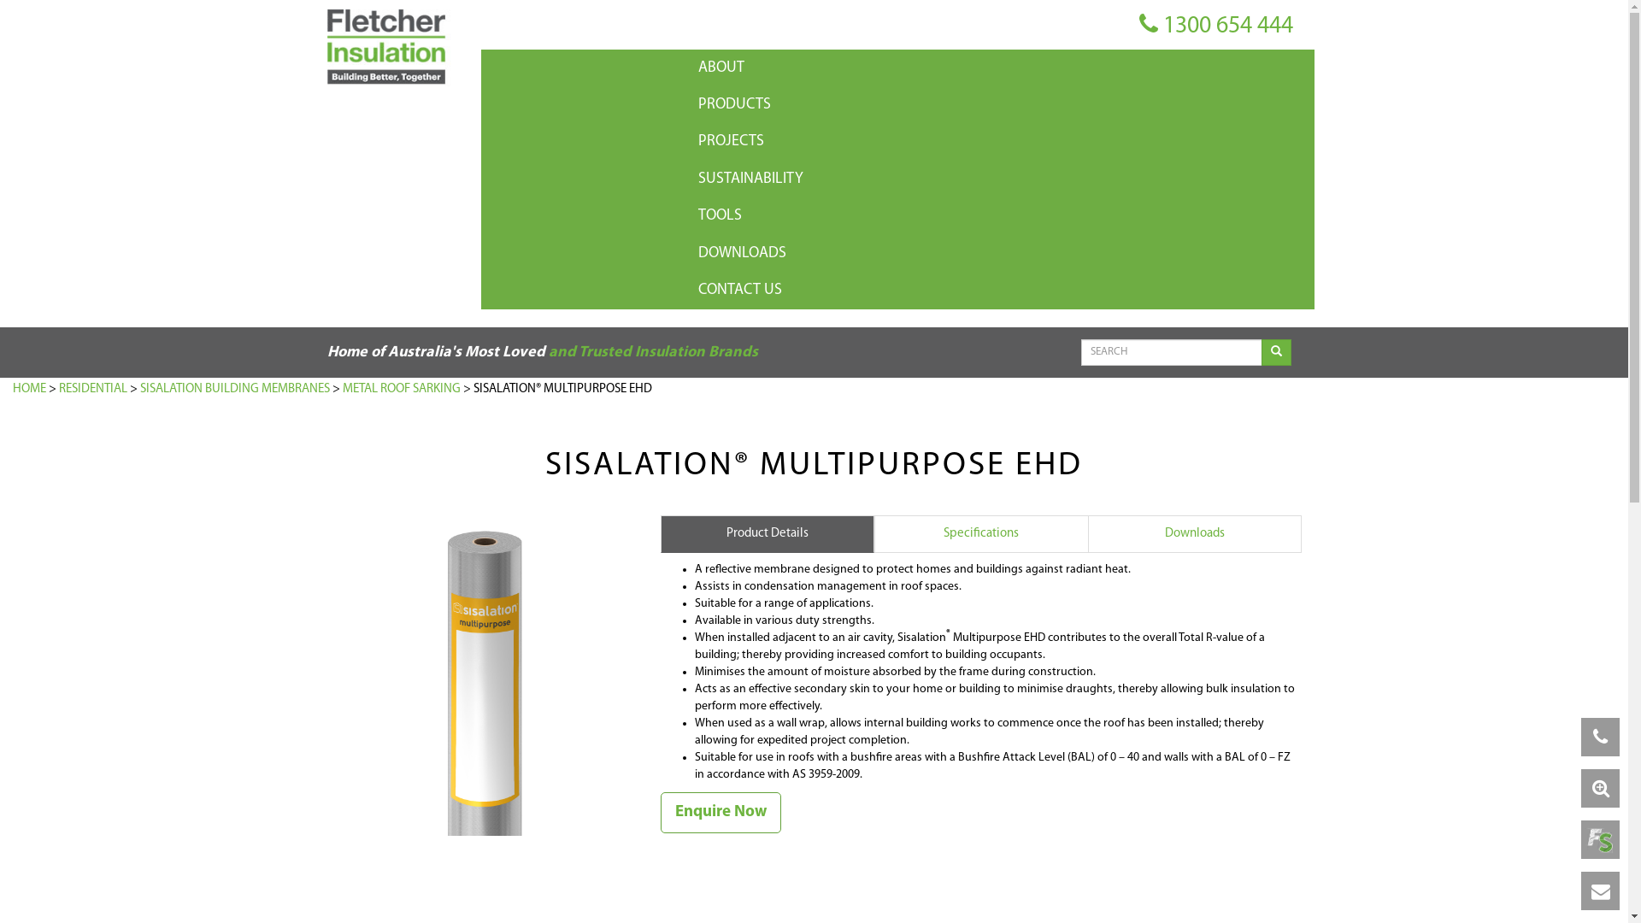  I want to click on 'METAL ROOF SARKING', so click(401, 389).